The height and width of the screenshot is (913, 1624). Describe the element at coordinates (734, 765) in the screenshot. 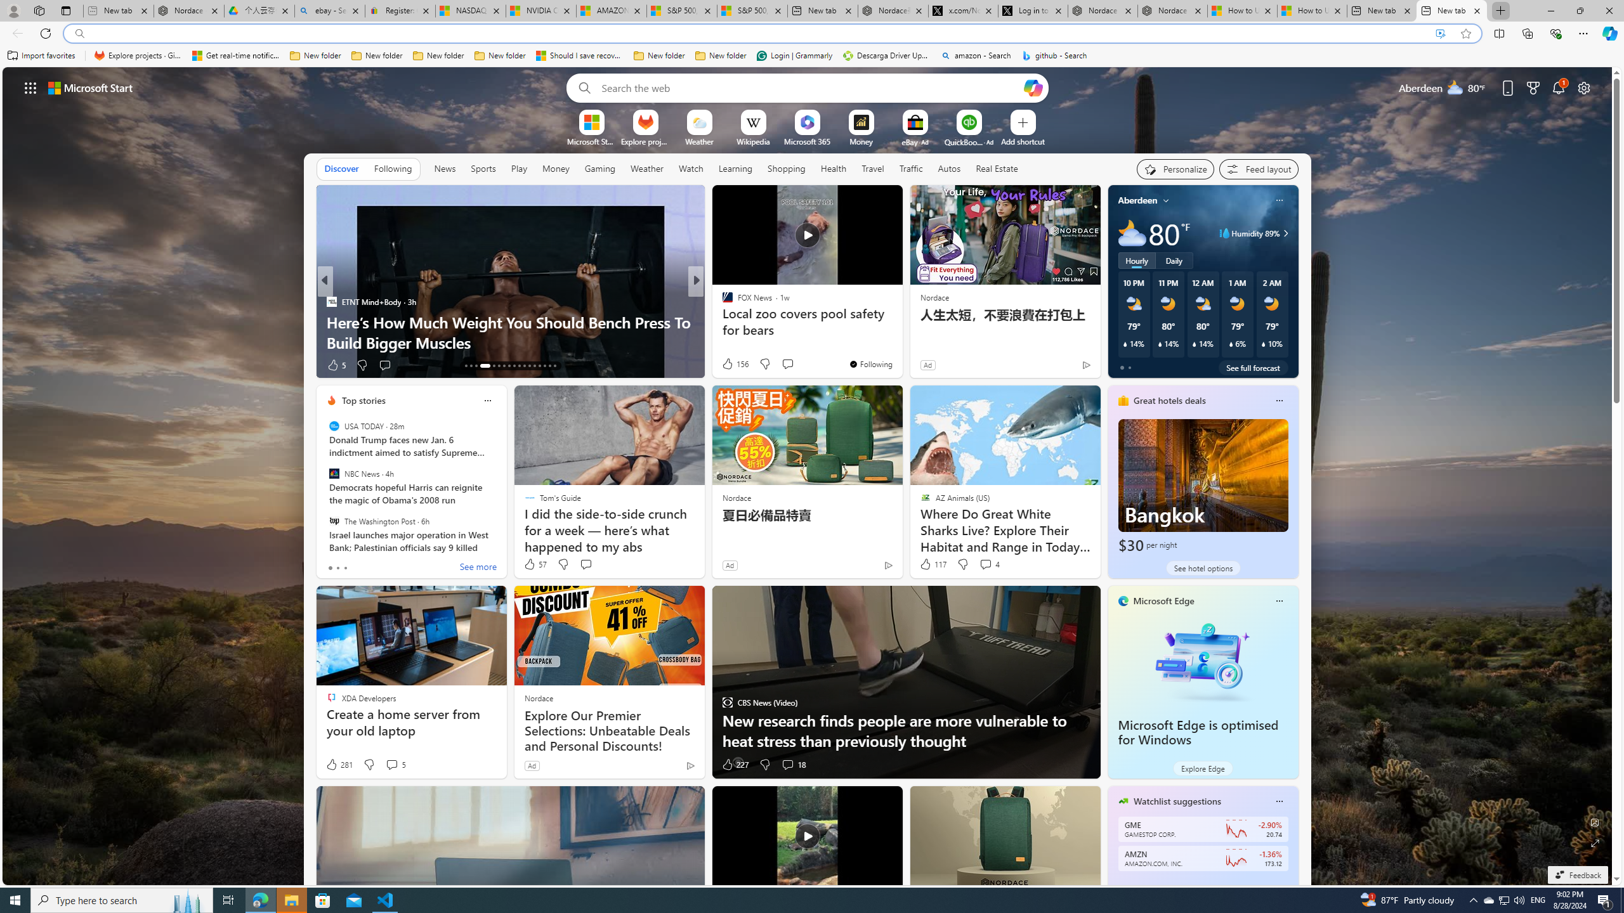

I see `'227 Like'` at that location.